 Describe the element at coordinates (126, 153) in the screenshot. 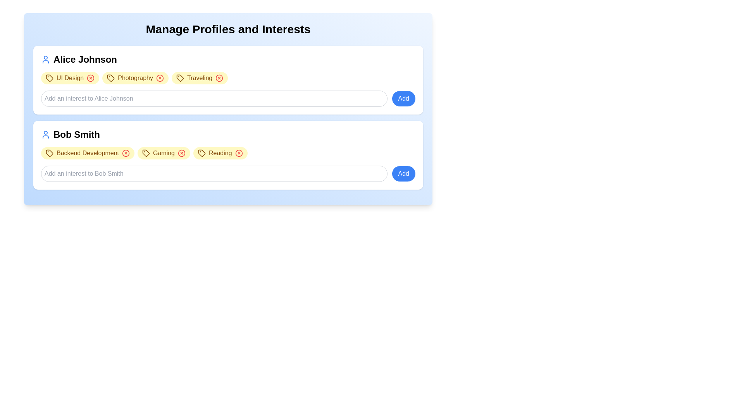

I see `the round red cancel icon with a cross symbol located at the far end of the 'Backend Development' badge under the 'Bob Smith' profile section` at that location.